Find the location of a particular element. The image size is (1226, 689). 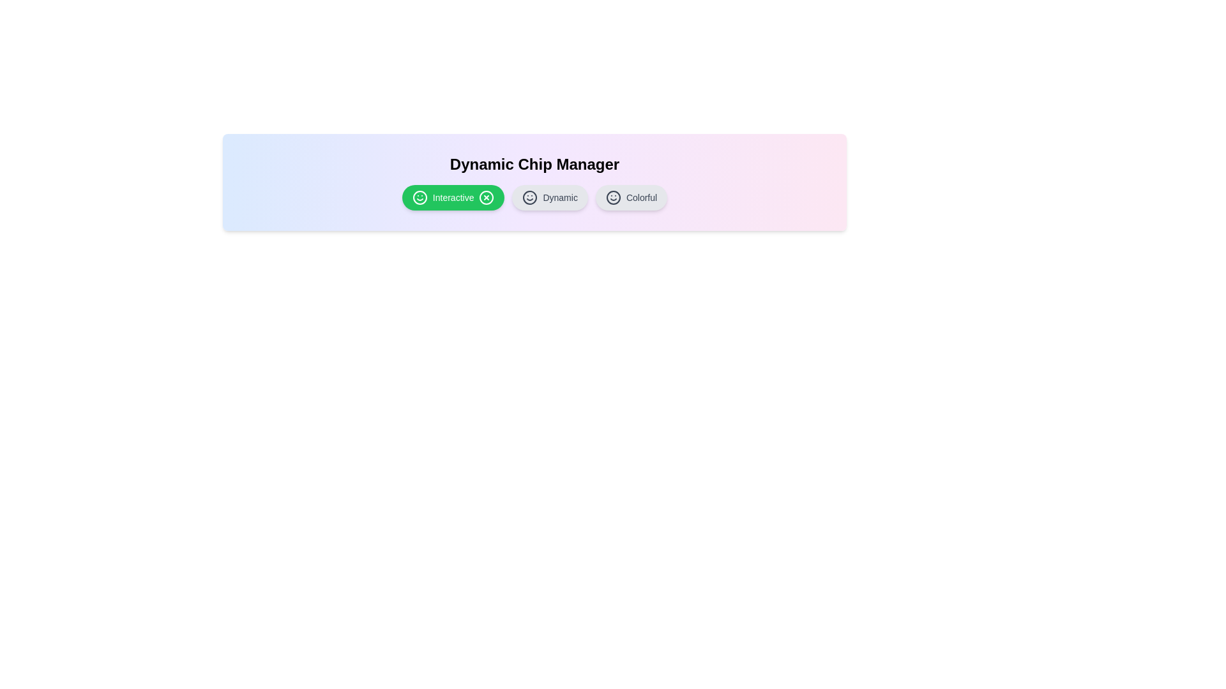

the icon within the chip labeled 'Dynamic' is located at coordinates (530, 197).